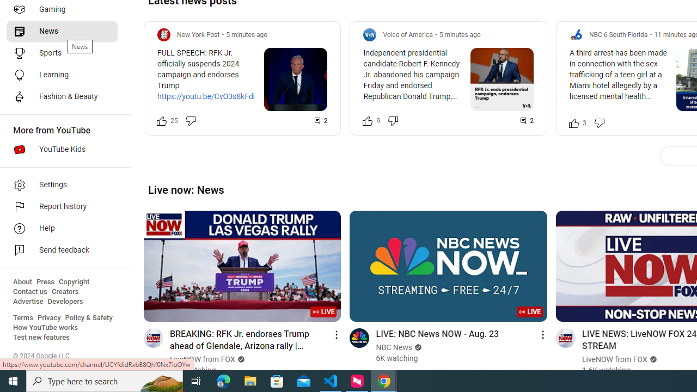 This screenshot has height=392, width=697. Describe the element at coordinates (209, 96) in the screenshot. I see `'https://youtu.be/CvO3s8kFdiU'` at that location.